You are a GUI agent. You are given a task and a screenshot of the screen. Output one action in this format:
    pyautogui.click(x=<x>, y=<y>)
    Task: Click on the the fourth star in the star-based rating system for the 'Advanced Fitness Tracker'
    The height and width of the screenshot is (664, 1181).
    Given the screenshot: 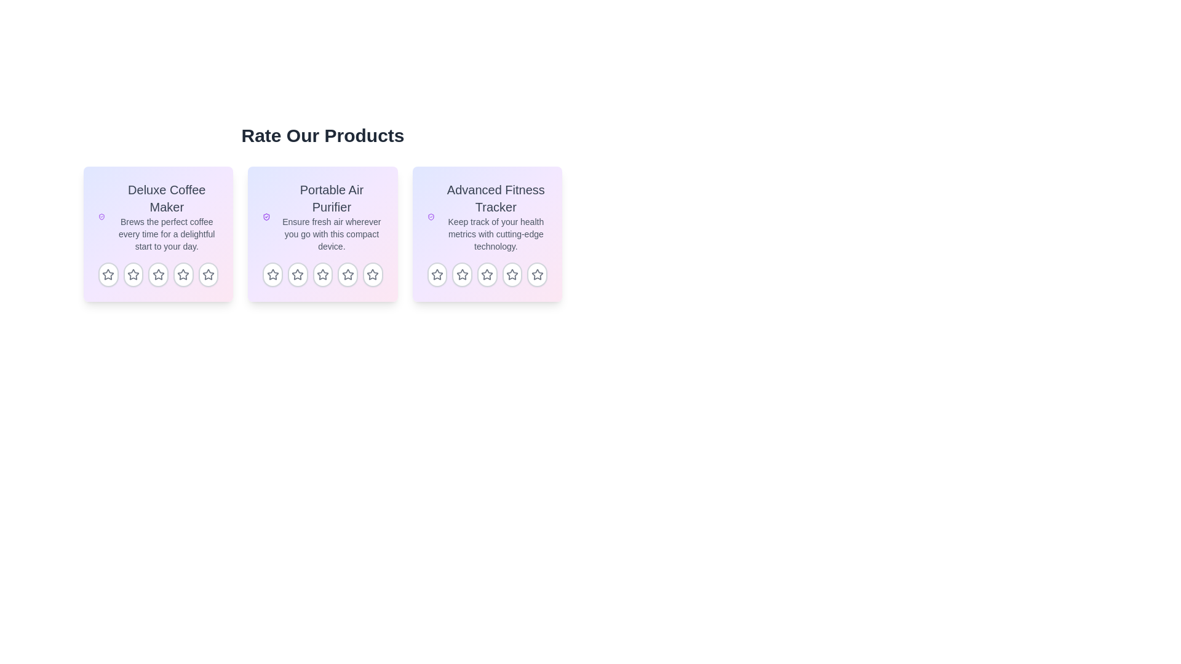 What is the action you would take?
    pyautogui.click(x=512, y=274)
    